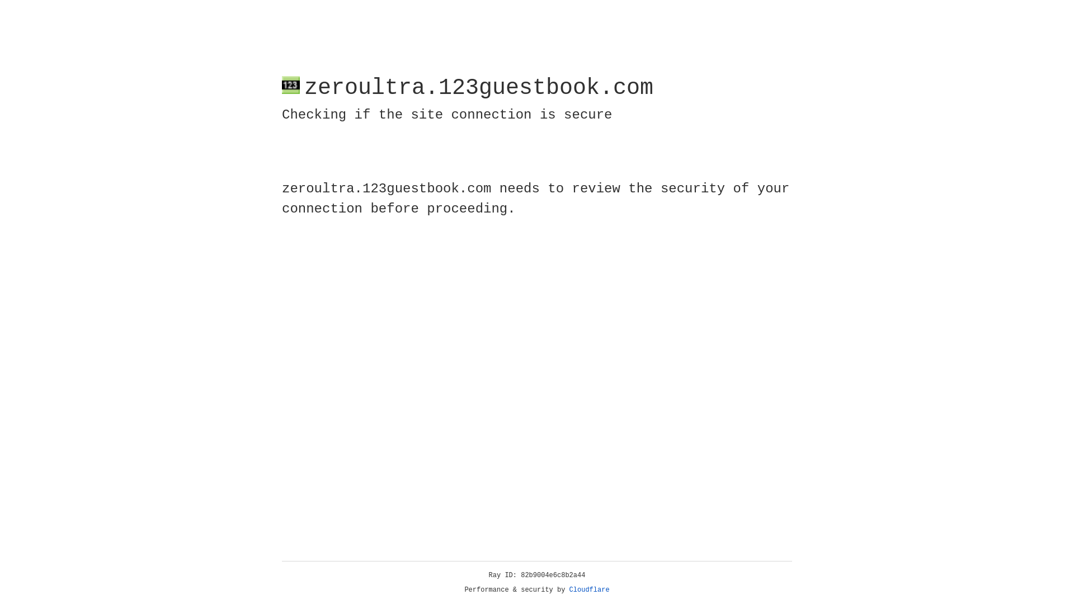  I want to click on 'Cloudflare', so click(569, 589).